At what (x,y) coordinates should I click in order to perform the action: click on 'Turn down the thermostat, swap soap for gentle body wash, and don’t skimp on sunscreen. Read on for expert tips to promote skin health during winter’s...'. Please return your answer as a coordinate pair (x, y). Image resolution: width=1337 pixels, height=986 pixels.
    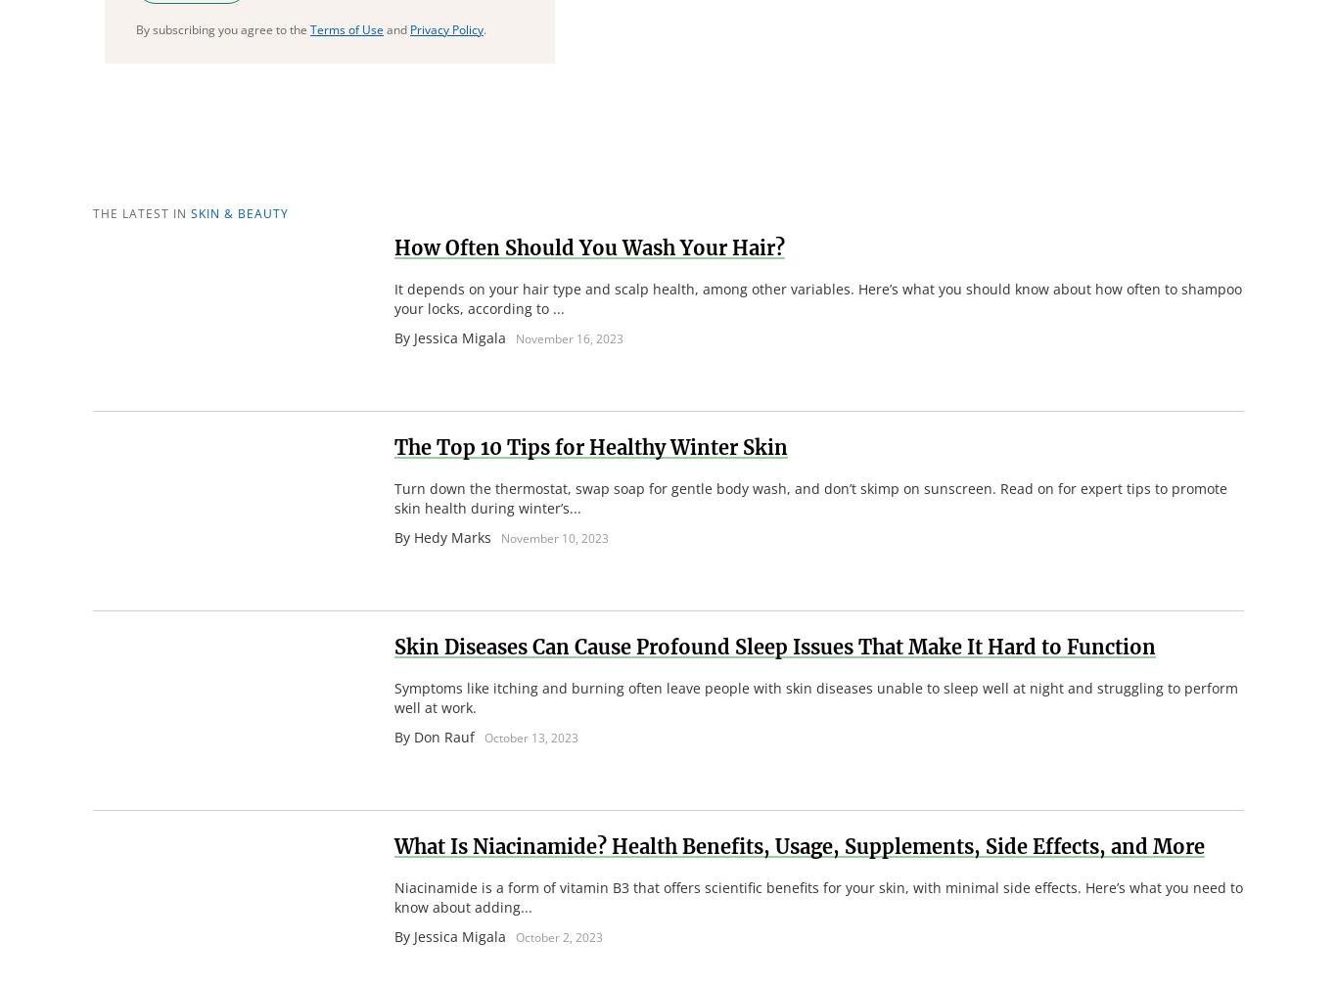
    Looking at the image, I should click on (392, 497).